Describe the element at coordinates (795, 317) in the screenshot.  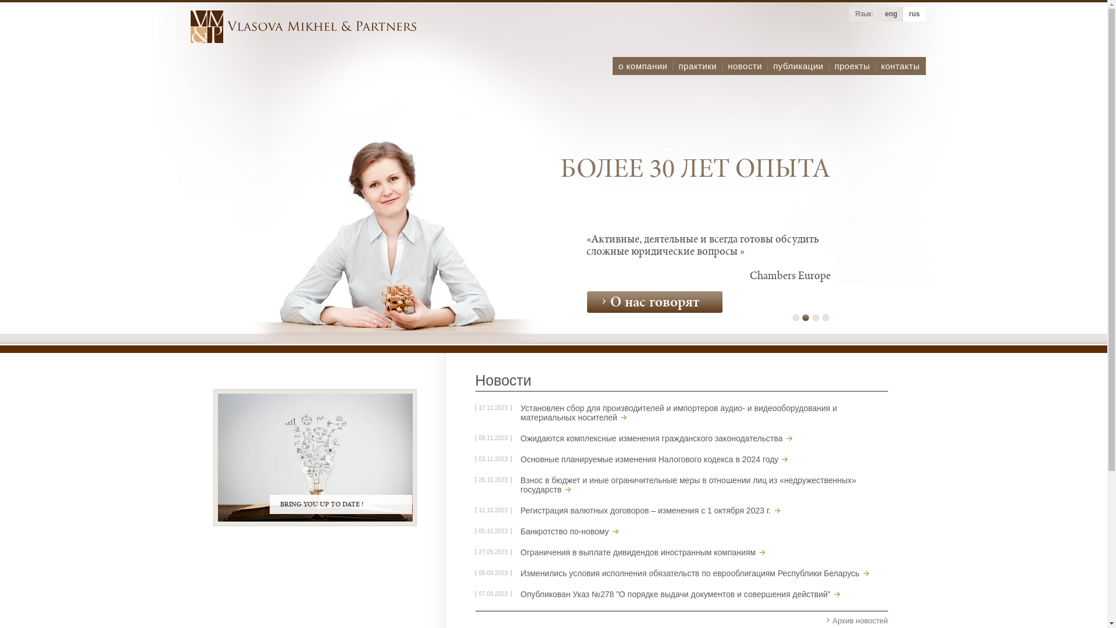
I see `'1'` at that location.